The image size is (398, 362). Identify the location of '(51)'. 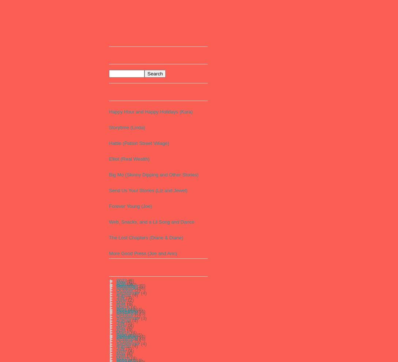
(132, 335).